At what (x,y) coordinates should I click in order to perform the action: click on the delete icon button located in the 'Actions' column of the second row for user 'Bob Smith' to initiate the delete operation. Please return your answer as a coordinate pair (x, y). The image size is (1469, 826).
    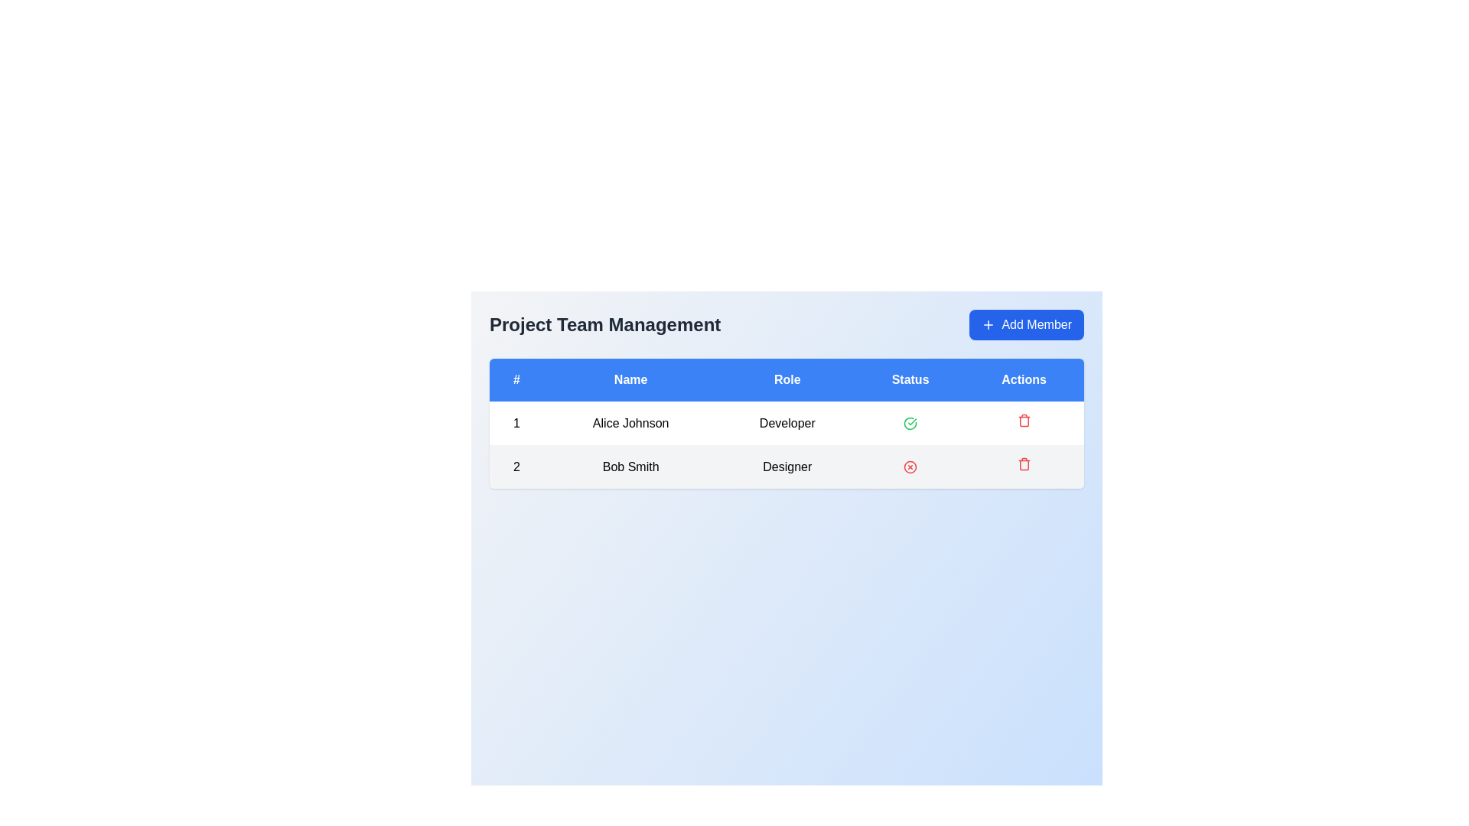
    Looking at the image, I should click on (1024, 463).